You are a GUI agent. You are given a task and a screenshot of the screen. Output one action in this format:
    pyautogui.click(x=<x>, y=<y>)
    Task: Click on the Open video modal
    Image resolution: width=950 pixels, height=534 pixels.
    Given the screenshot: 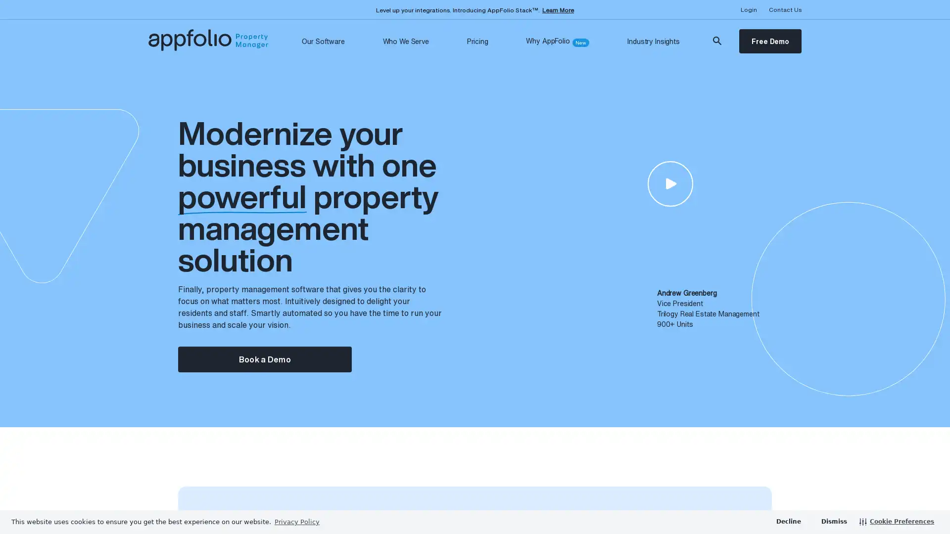 What is the action you would take?
    pyautogui.click(x=670, y=197)
    